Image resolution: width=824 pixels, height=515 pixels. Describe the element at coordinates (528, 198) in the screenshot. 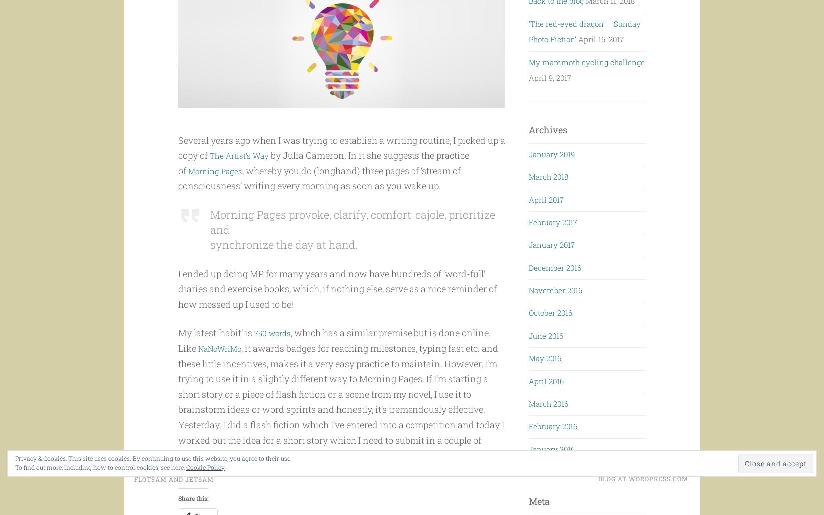

I see `'April 2017'` at that location.